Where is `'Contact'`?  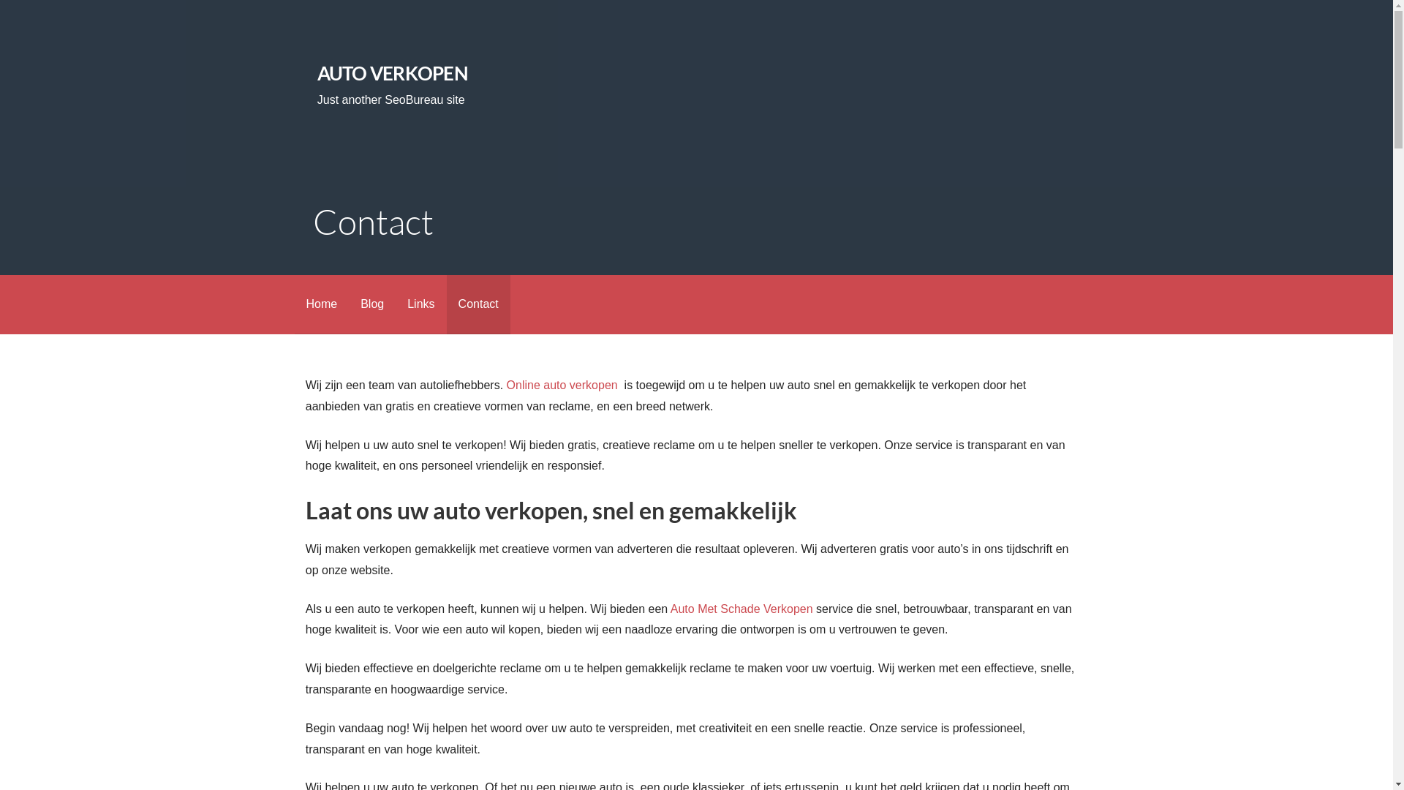 'Contact' is located at coordinates (478, 304).